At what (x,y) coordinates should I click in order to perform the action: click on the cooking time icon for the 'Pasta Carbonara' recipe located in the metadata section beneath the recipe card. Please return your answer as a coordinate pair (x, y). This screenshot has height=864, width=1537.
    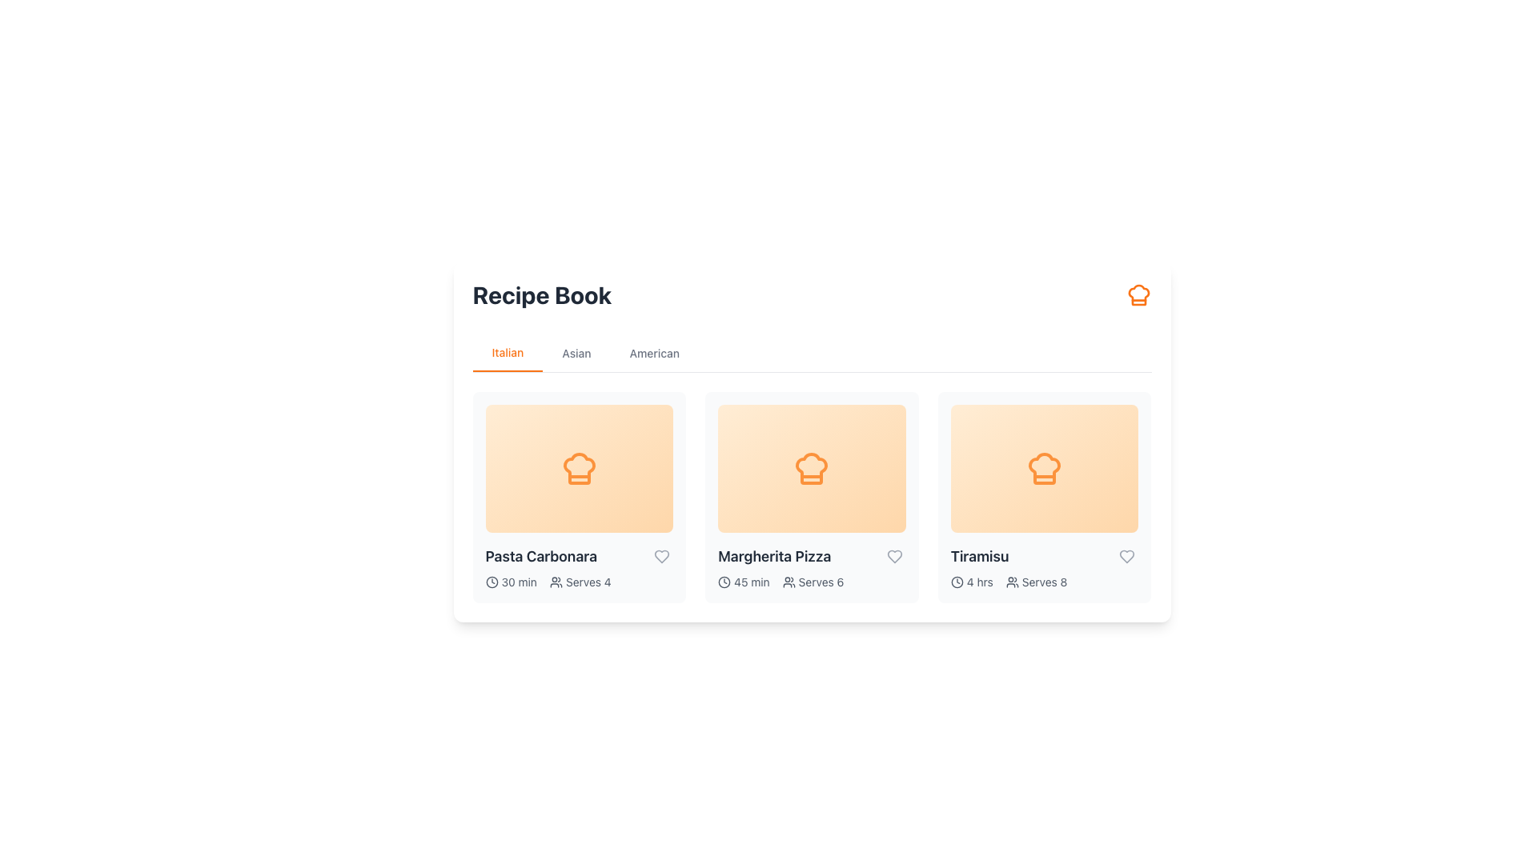
    Looking at the image, I should click on (491, 582).